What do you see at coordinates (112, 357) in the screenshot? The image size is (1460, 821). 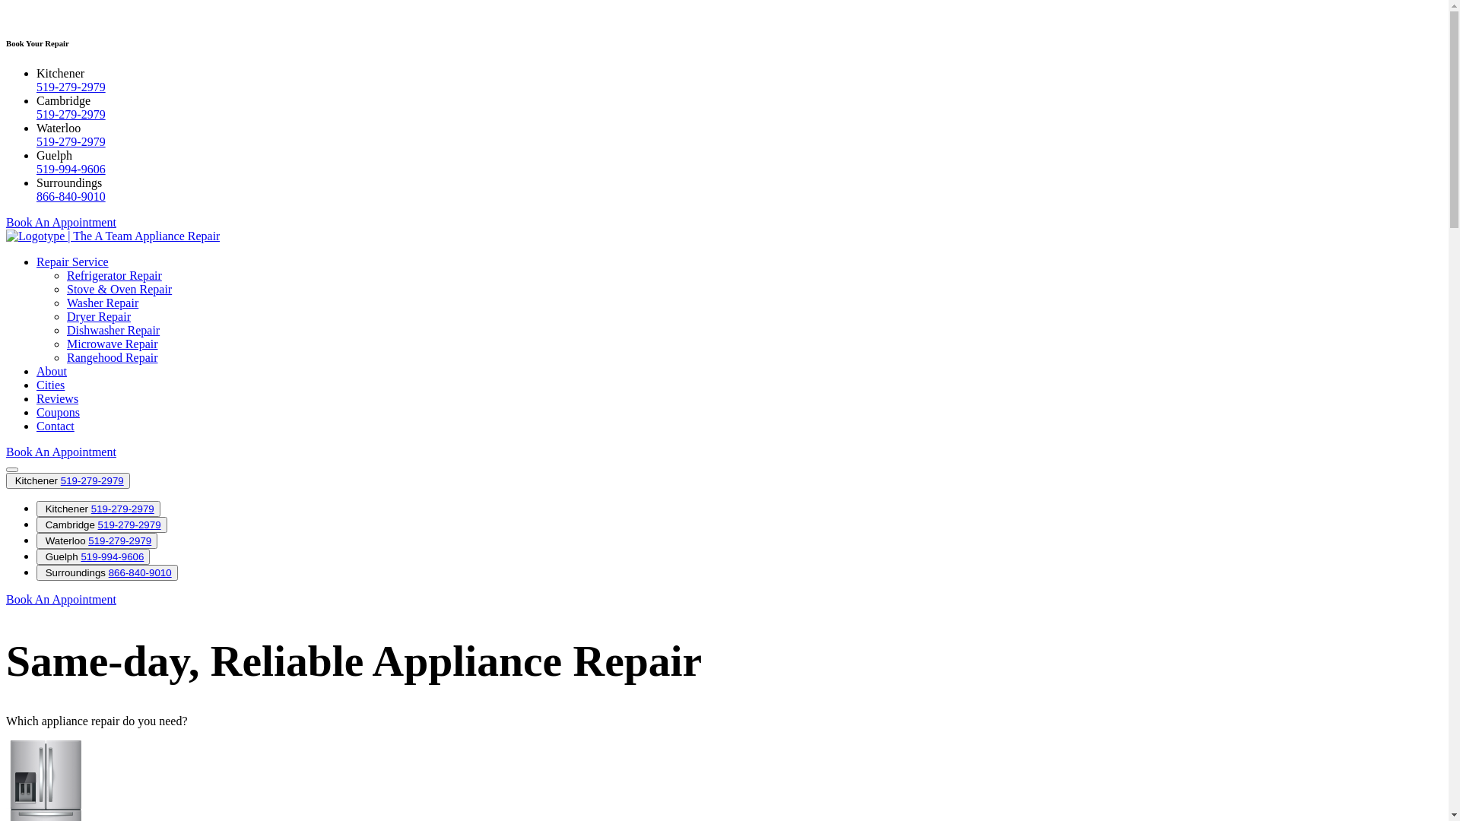 I see `'Rangehood Repair'` at bounding box center [112, 357].